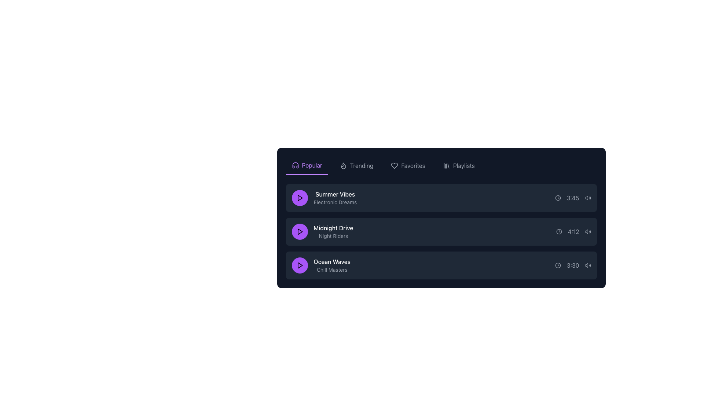 The height and width of the screenshot is (396, 704). I want to click on the 'Playlists' button located in the horizontal navigation menu, which is the fourth item and features a muted gray label with a library shelves icon, so click(458, 165).